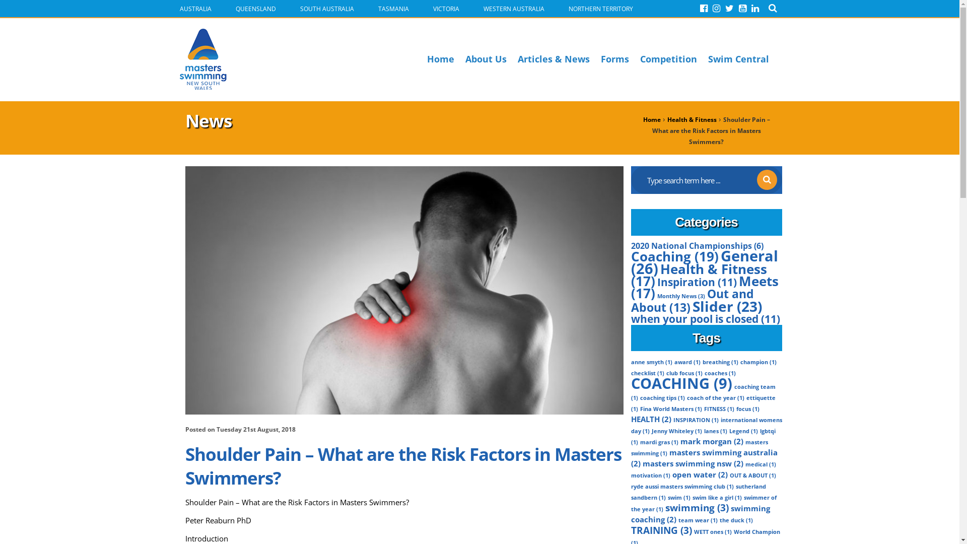  Describe the element at coordinates (672, 420) in the screenshot. I see `'INSPIRATION (1)'` at that location.